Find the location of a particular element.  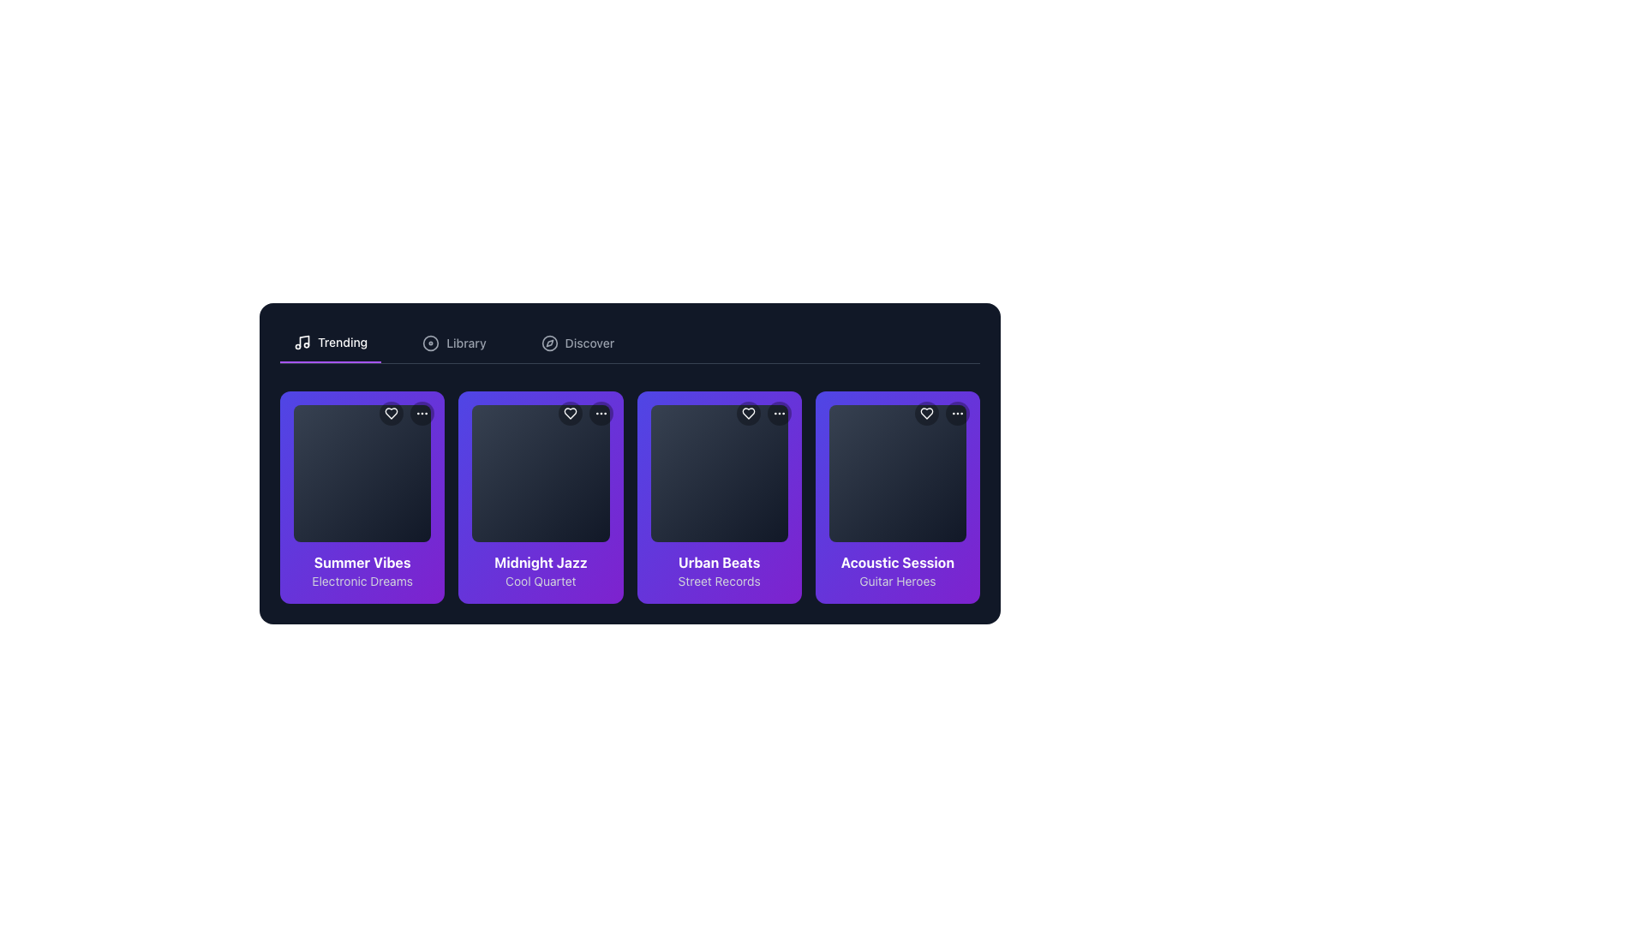

the heart-shaped icon is located at coordinates (391, 413).